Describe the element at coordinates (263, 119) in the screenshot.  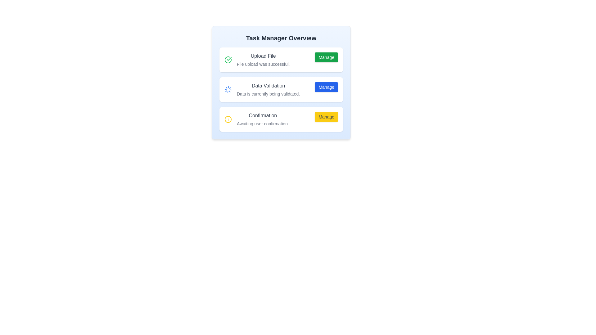
I see `the 'Confirmation' text label that reads 'Confirmation' and 'Awaiting user confirmation.'` at that location.